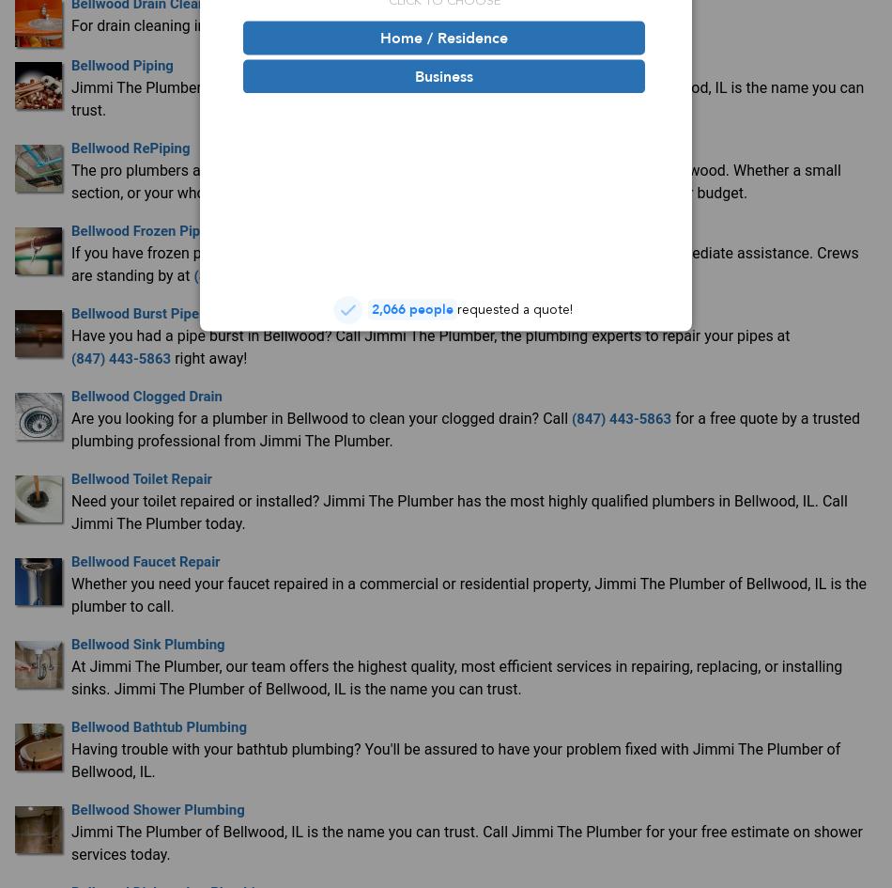 The height and width of the screenshot is (888, 892). Describe the element at coordinates (458, 511) in the screenshot. I see `'Need your toilet repaired or installed? Jimmi The Plumber has the most highly qualified plumbers in Bellwood, IL. Call Jimmi The Plumber today.'` at that location.